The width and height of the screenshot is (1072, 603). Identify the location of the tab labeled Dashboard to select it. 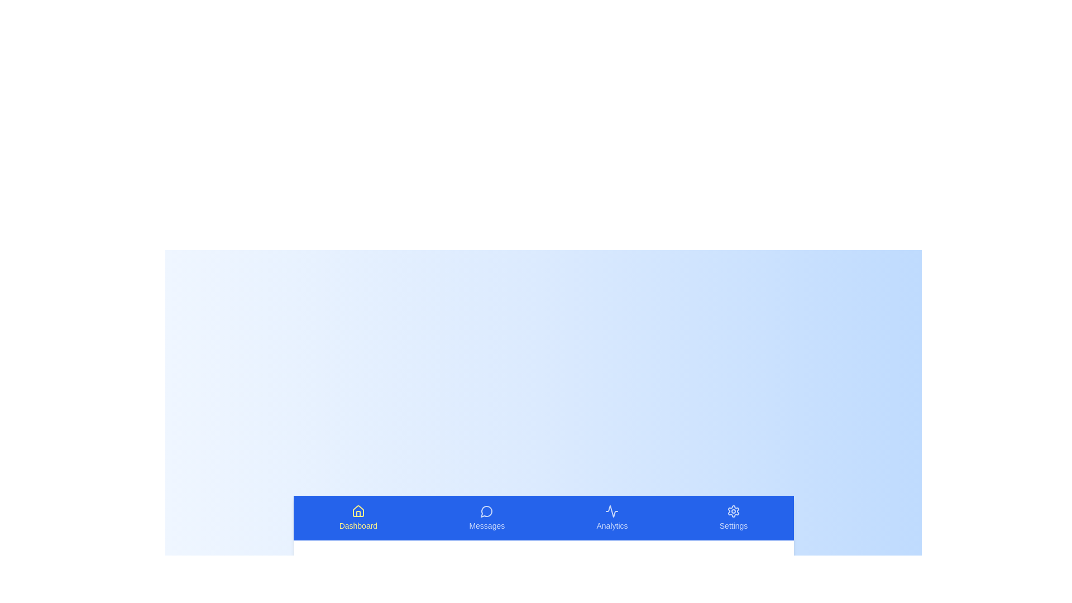
(358, 518).